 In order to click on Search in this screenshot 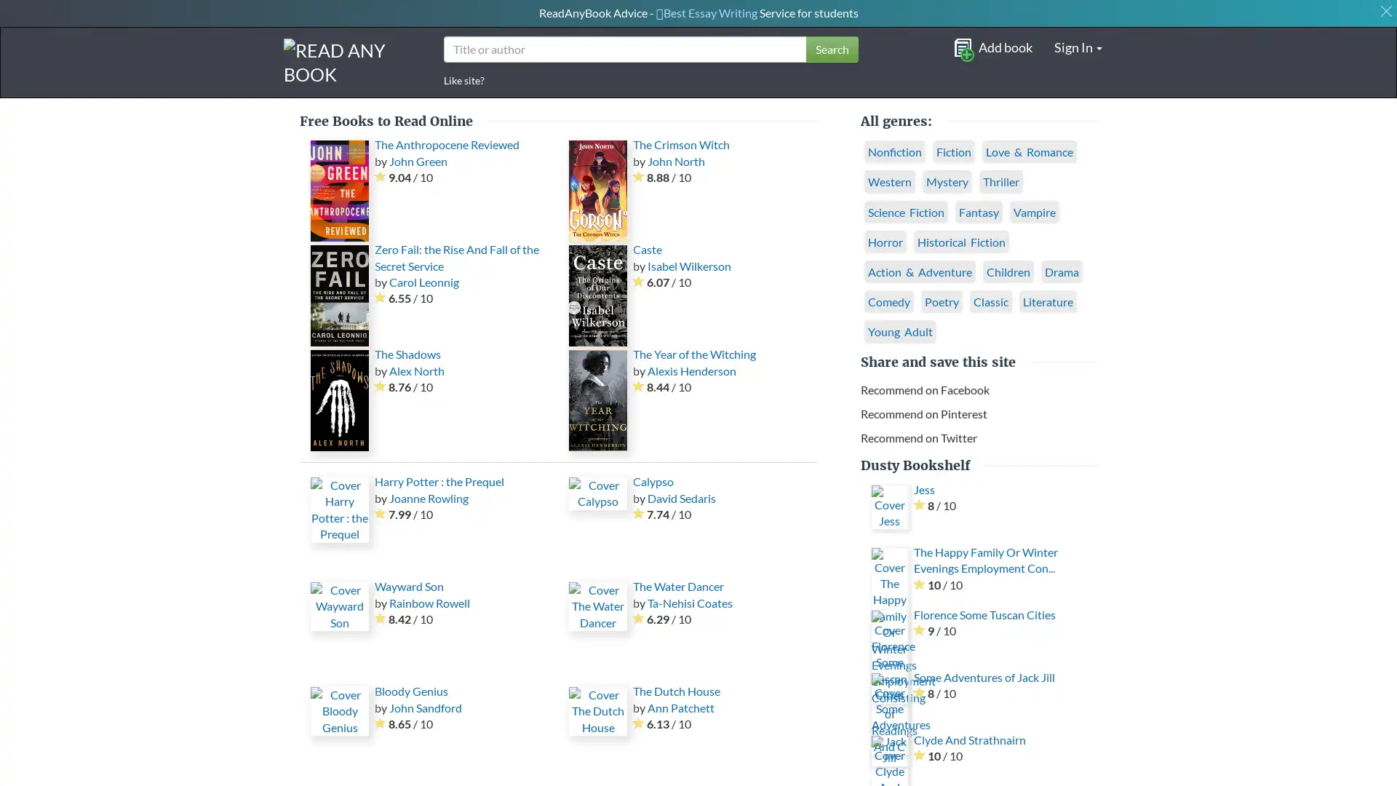, I will do `click(832, 47)`.